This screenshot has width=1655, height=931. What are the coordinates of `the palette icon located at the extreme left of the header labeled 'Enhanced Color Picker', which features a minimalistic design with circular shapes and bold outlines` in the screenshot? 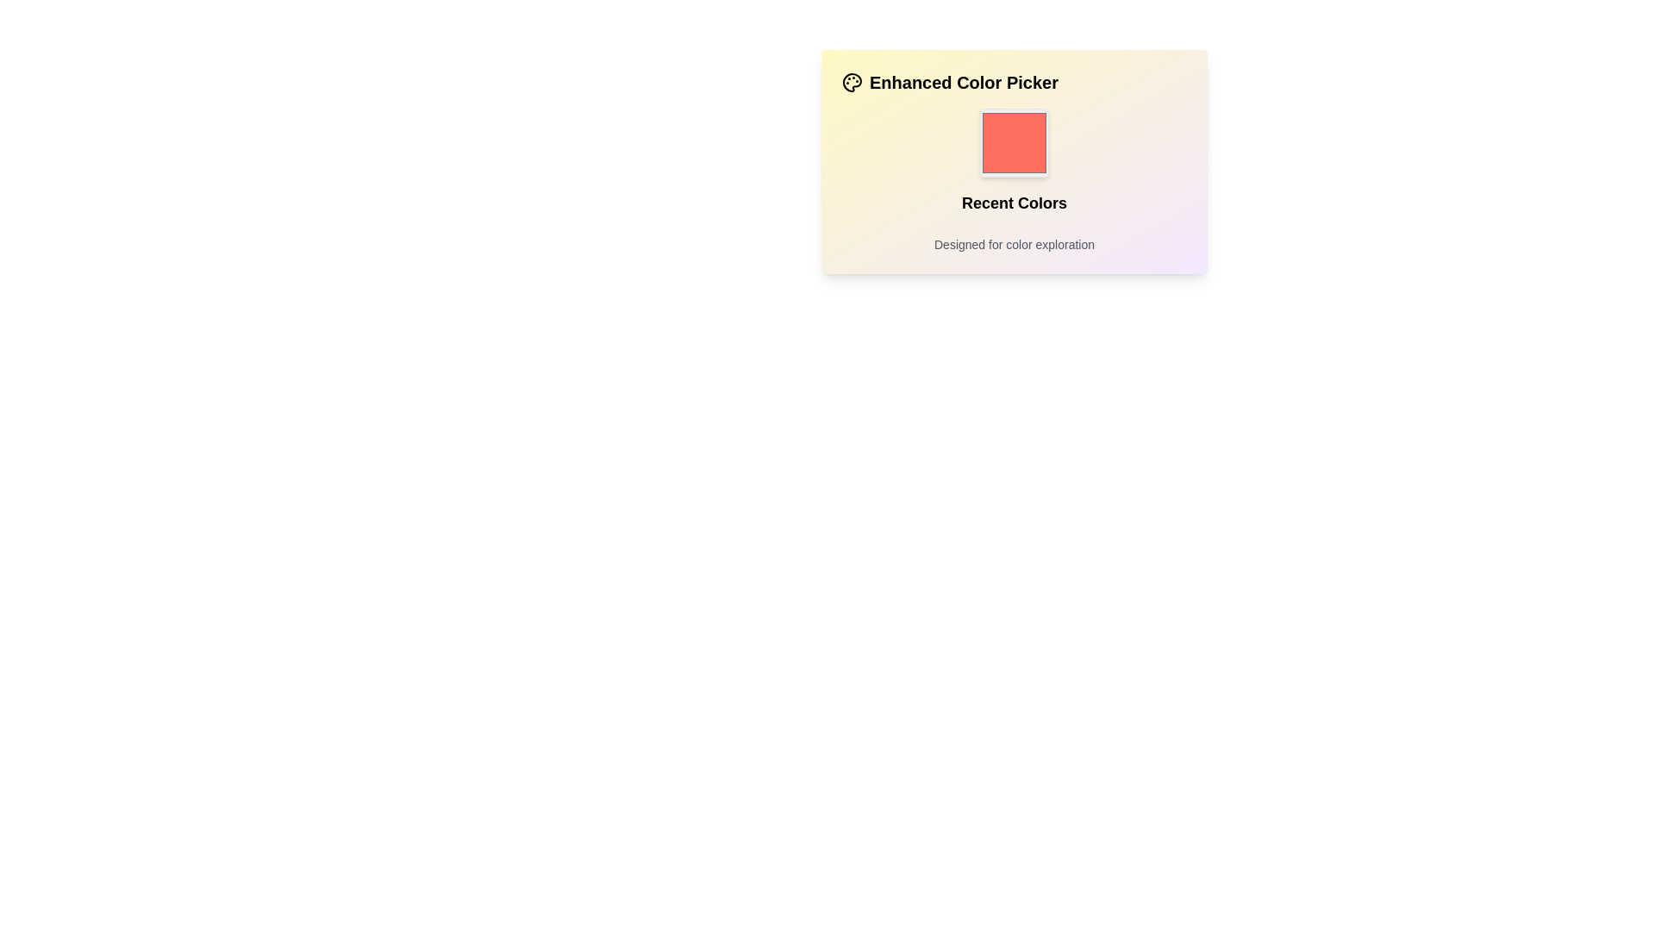 It's located at (852, 83).